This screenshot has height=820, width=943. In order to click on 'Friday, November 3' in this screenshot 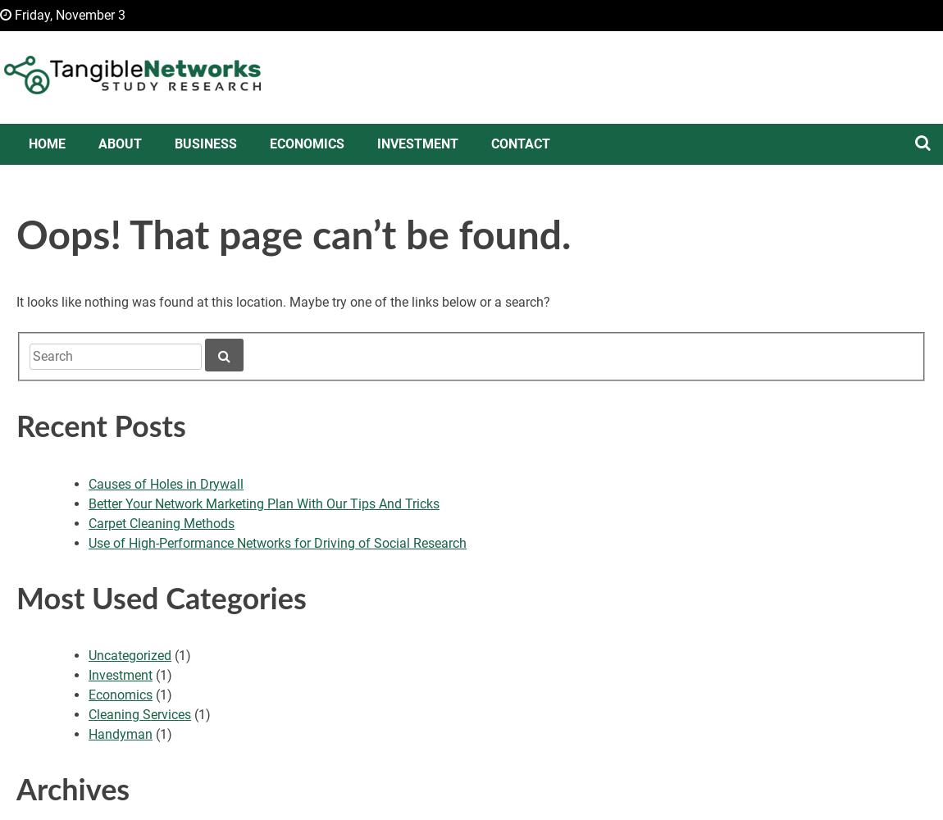, I will do `click(67, 15)`.